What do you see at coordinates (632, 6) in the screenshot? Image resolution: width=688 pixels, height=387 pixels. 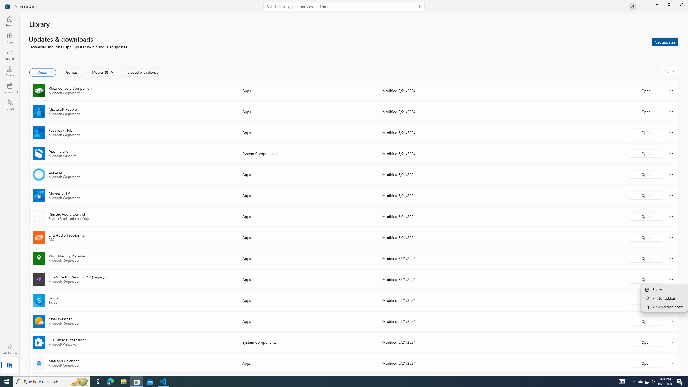 I see `'User profile'` at bounding box center [632, 6].